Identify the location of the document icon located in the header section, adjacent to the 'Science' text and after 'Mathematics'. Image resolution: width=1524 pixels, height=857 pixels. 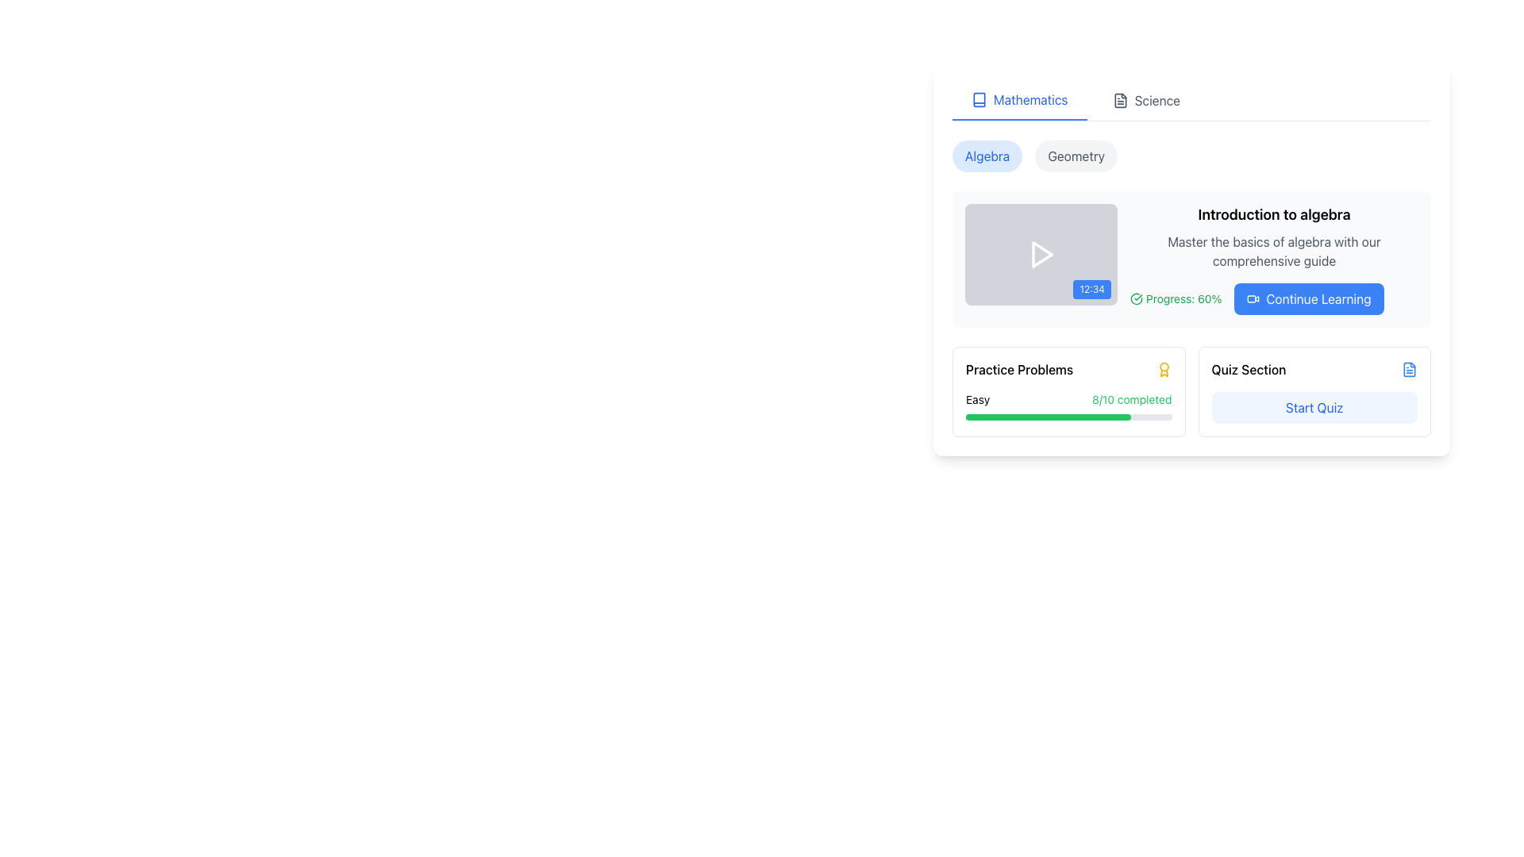
(1119, 101).